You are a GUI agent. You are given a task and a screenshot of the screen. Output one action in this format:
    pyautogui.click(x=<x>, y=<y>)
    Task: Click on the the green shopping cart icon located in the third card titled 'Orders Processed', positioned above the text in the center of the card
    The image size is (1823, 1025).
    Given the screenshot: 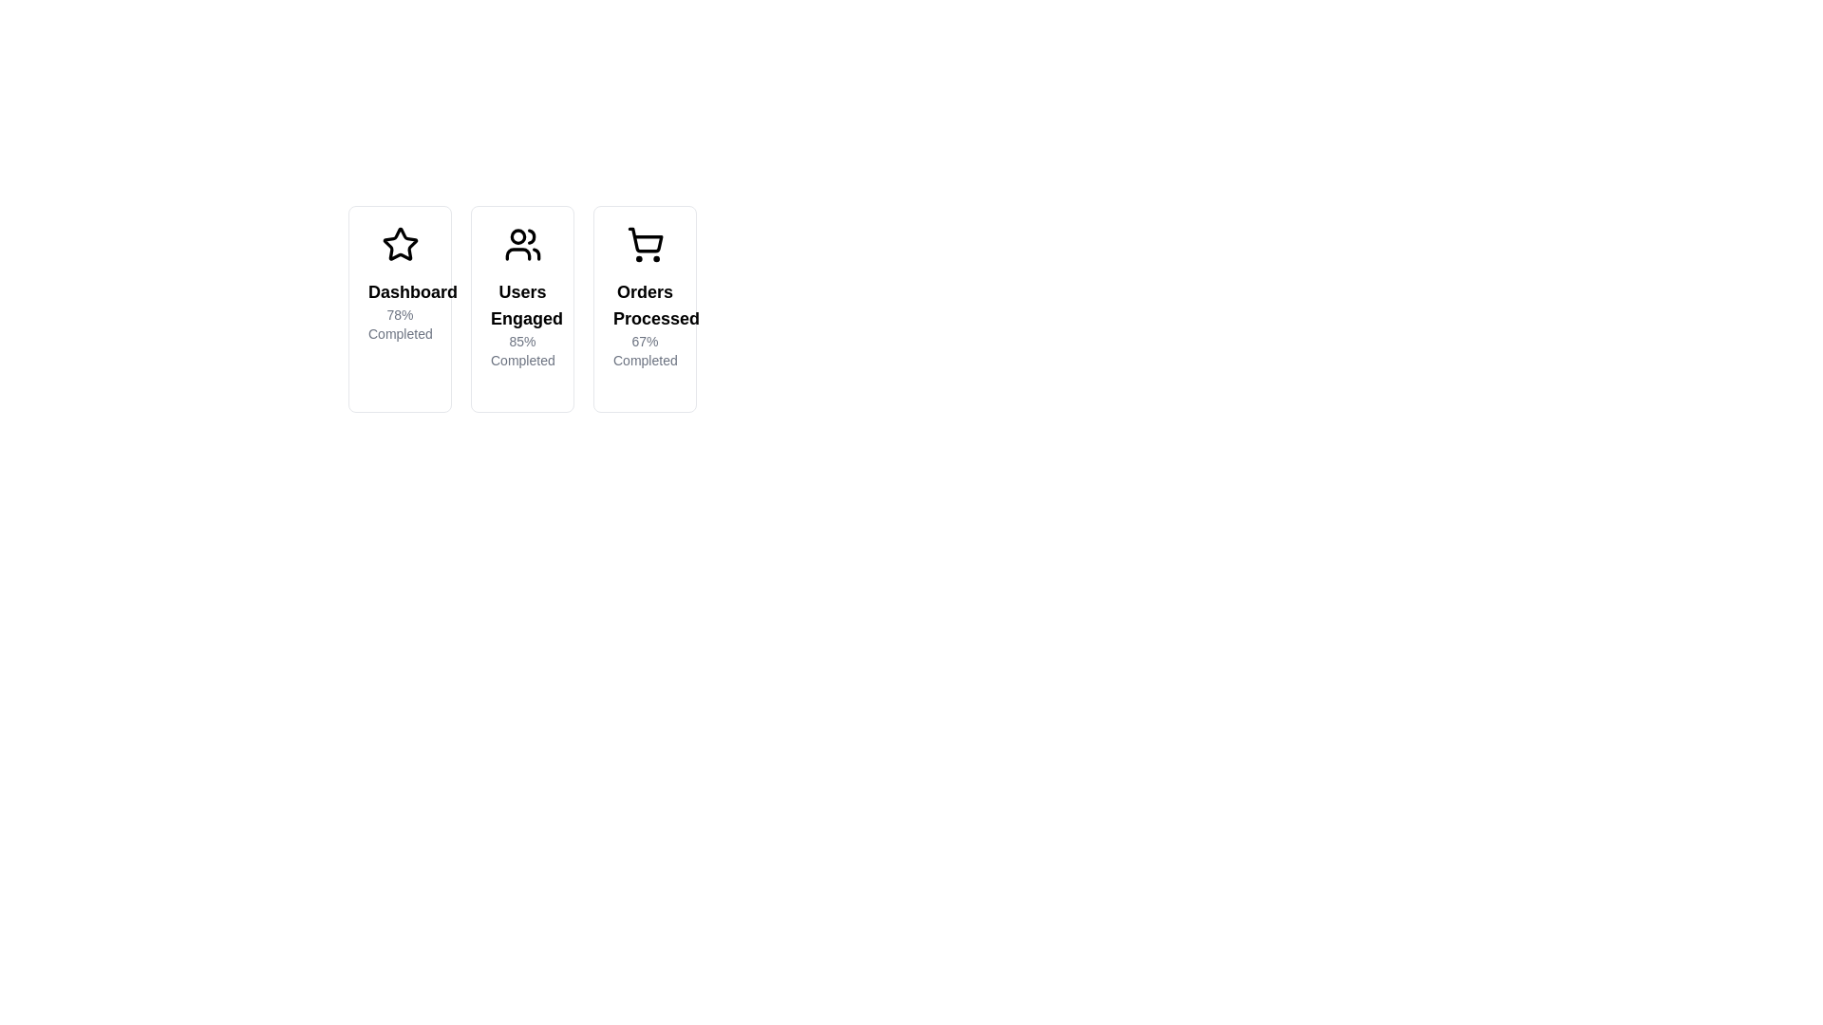 What is the action you would take?
    pyautogui.click(x=645, y=244)
    